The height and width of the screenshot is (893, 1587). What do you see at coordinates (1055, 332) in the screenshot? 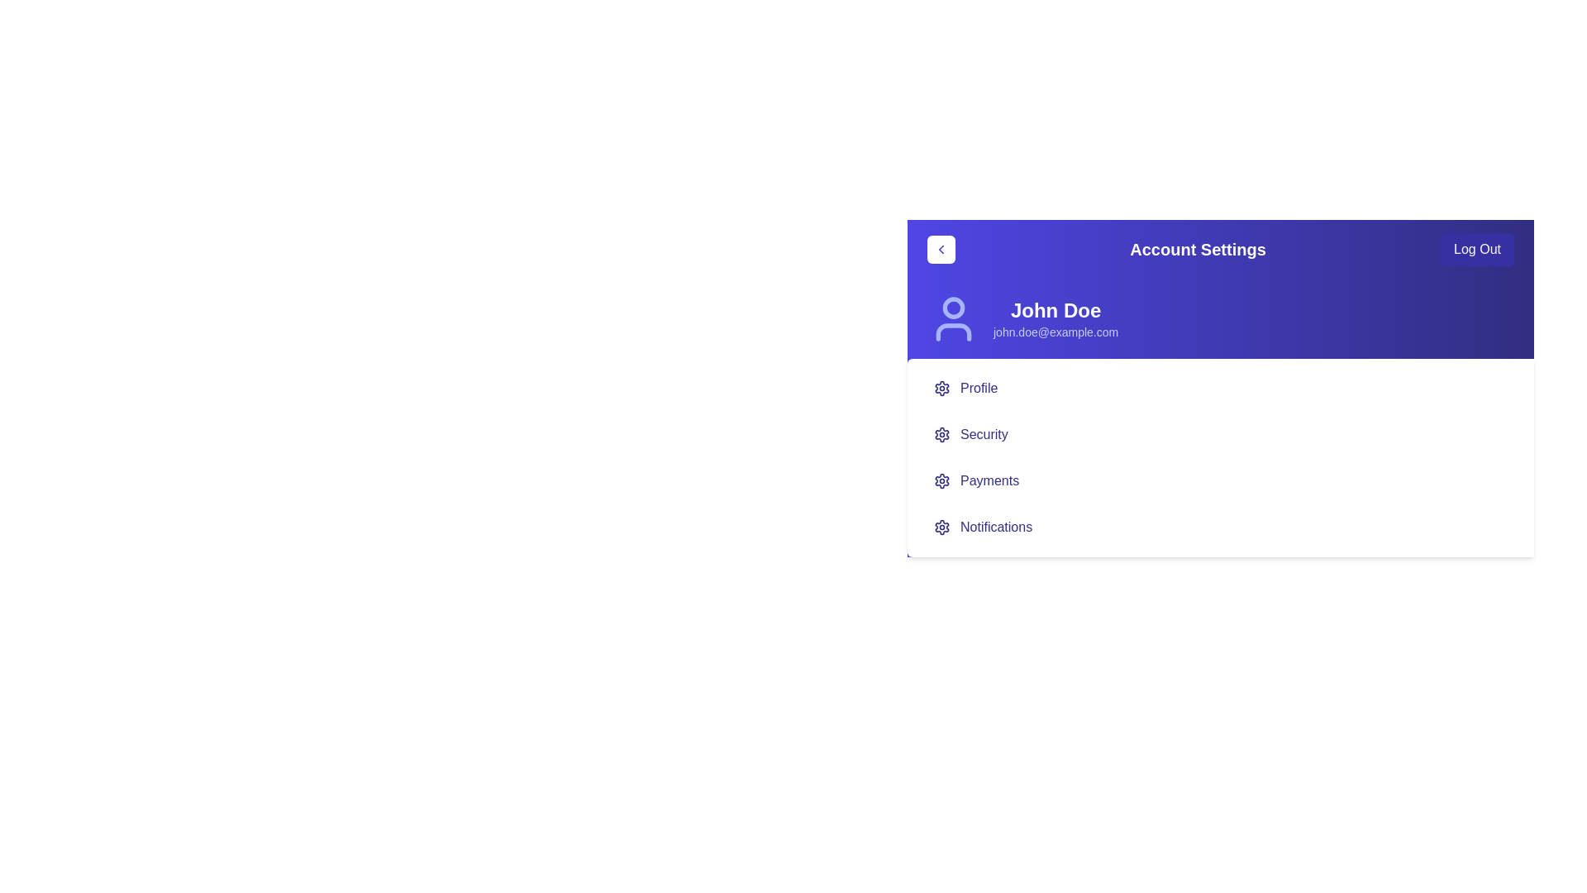
I see `email address displayed in the Text Display located below 'John Doe' in the Account Settings section` at bounding box center [1055, 332].